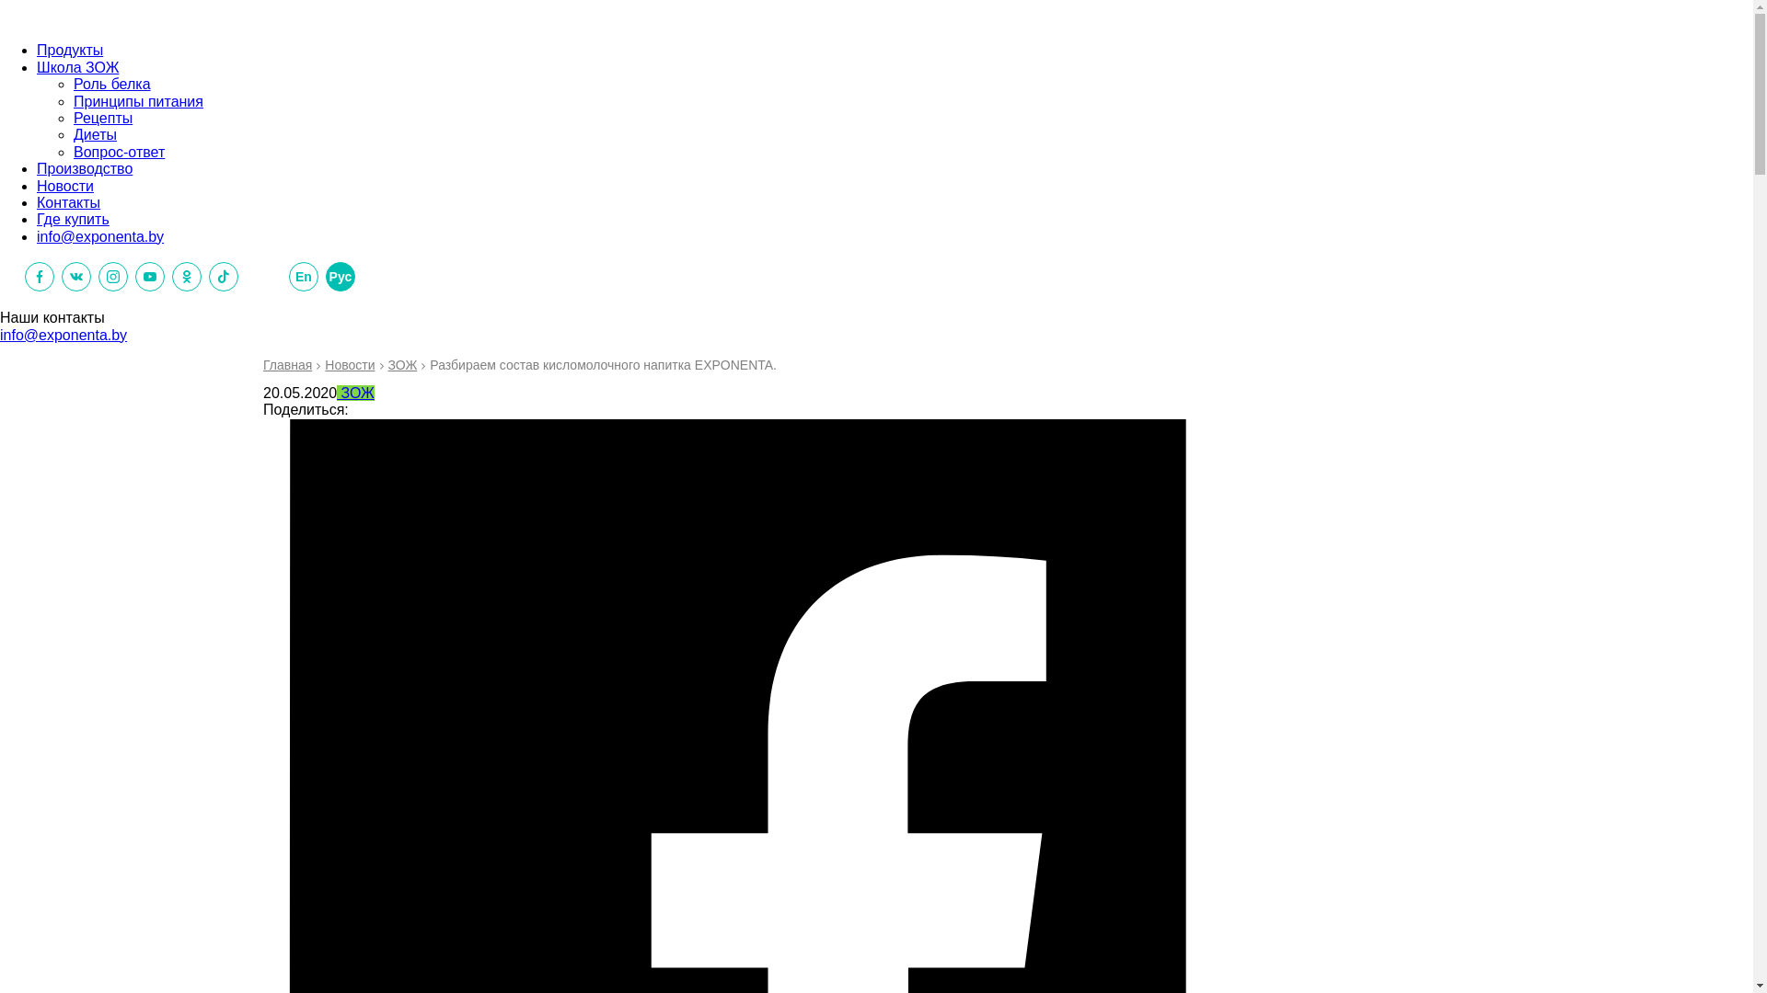 This screenshot has width=1767, height=993. I want to click on 'info@exponenta.by', so click(99, 235).